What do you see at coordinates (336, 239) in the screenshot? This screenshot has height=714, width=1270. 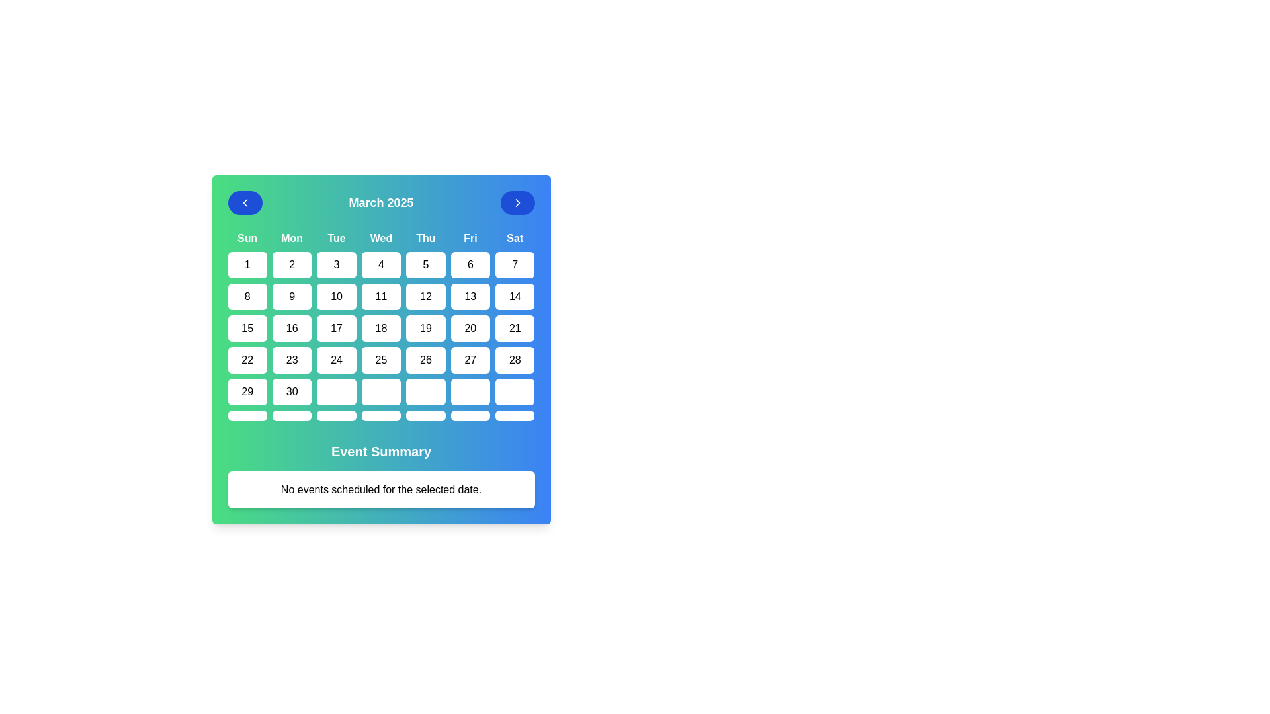 I see `the header label identifying the day 'Tuesday' in the calendar interface, which is positioned third in a row of day labels and directly above the '3' date cell` at bounding box center [336, 239].